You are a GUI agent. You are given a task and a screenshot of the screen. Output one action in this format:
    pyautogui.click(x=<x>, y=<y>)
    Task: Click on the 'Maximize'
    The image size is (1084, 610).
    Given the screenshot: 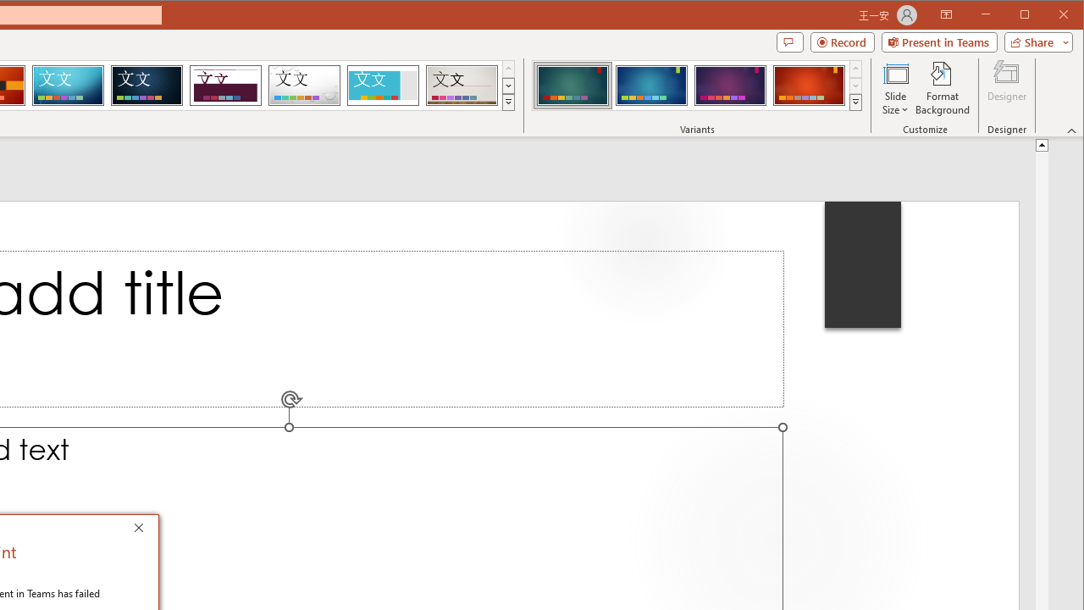 What is the action you would take?
    pyautogui.click(x=1048, y=16)
    